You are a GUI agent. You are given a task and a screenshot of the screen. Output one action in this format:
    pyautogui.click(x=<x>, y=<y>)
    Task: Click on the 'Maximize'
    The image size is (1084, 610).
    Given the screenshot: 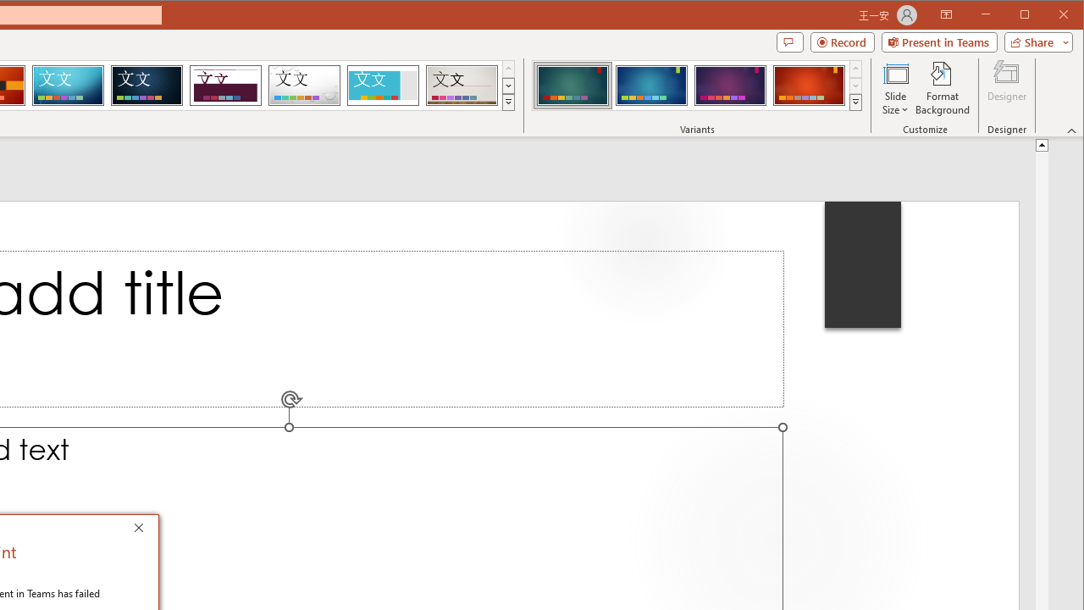 What is the action you would take?
    pyautogui.click(x=1048, y=16)
    